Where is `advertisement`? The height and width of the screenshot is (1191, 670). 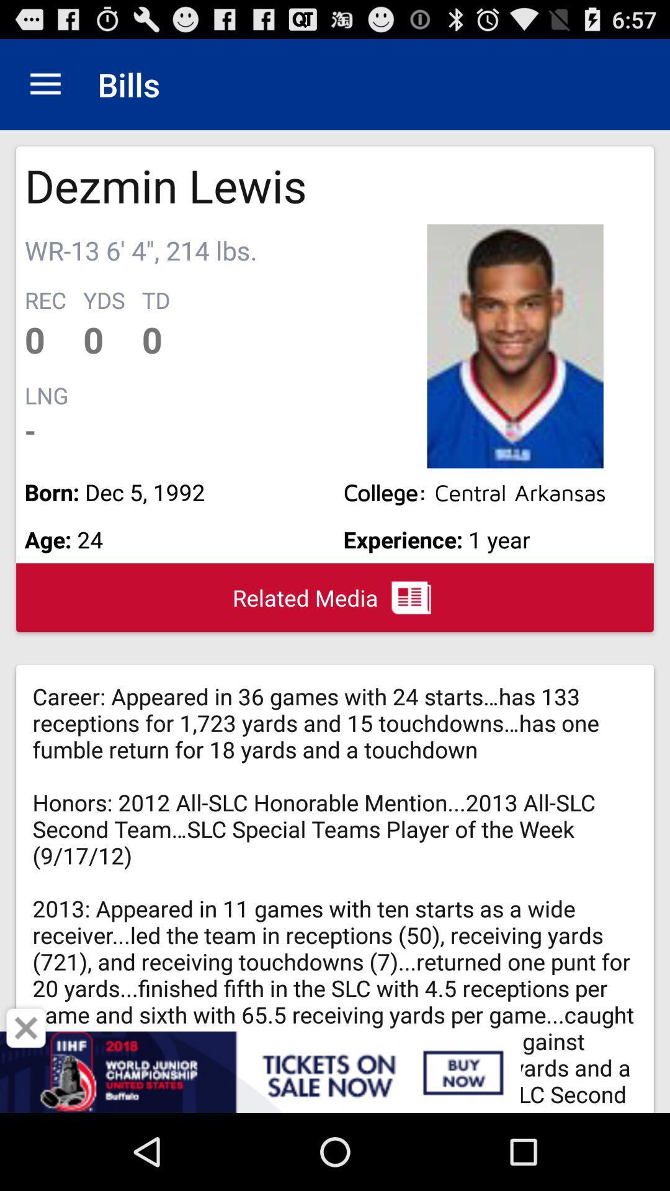 advertisement is located at coordinates (335, 1071).